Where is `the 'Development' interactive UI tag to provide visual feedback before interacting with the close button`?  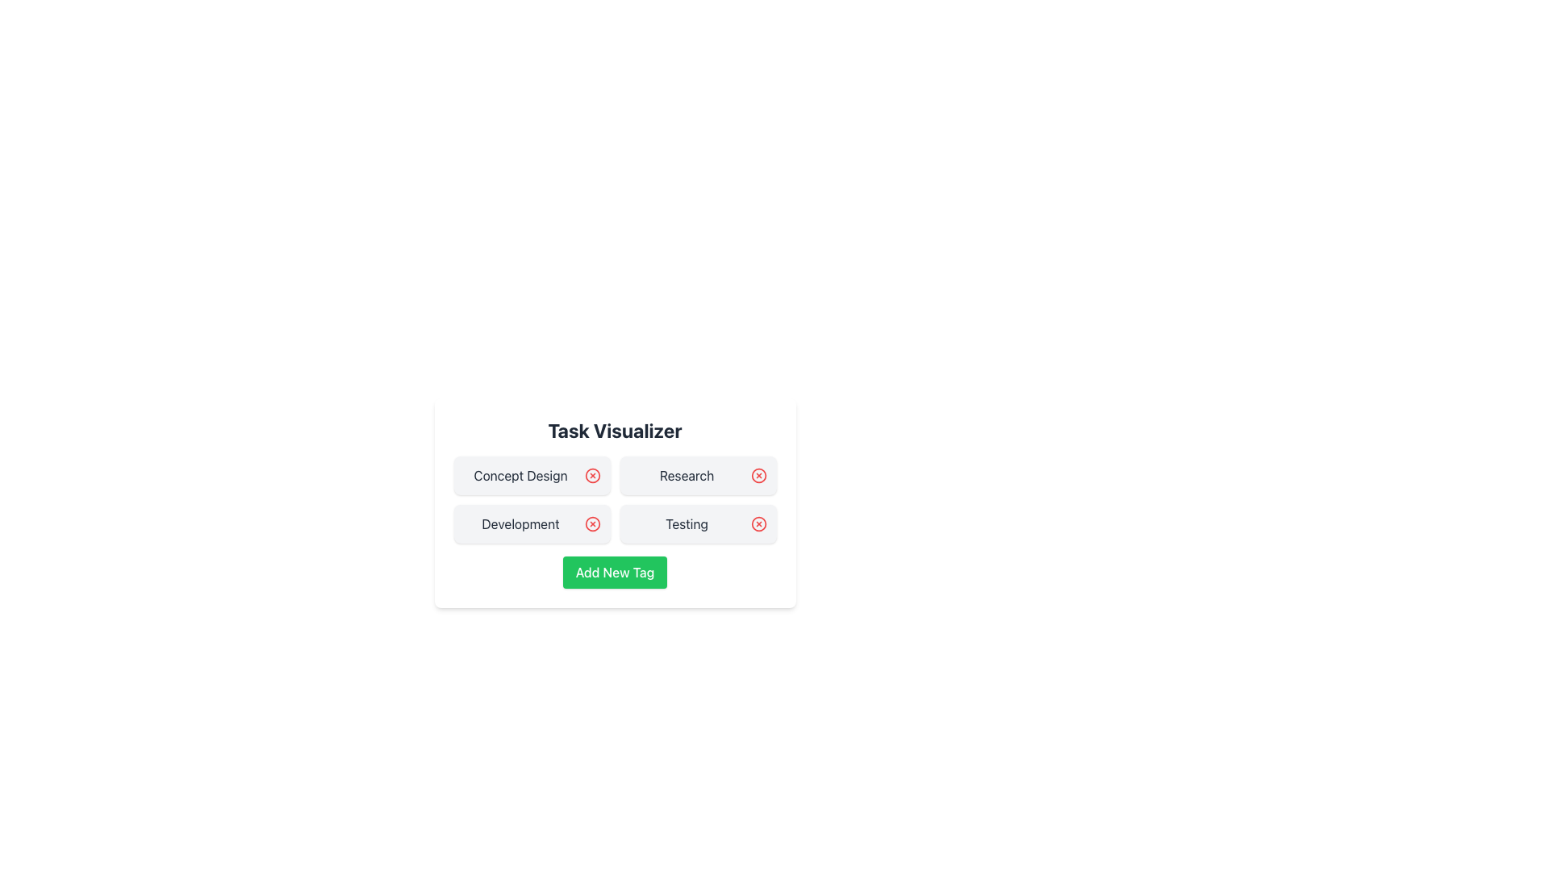
the 'Development' interactive UI tag to provide visual feedback before interacting with the close button is located at coordinates (532, 524).